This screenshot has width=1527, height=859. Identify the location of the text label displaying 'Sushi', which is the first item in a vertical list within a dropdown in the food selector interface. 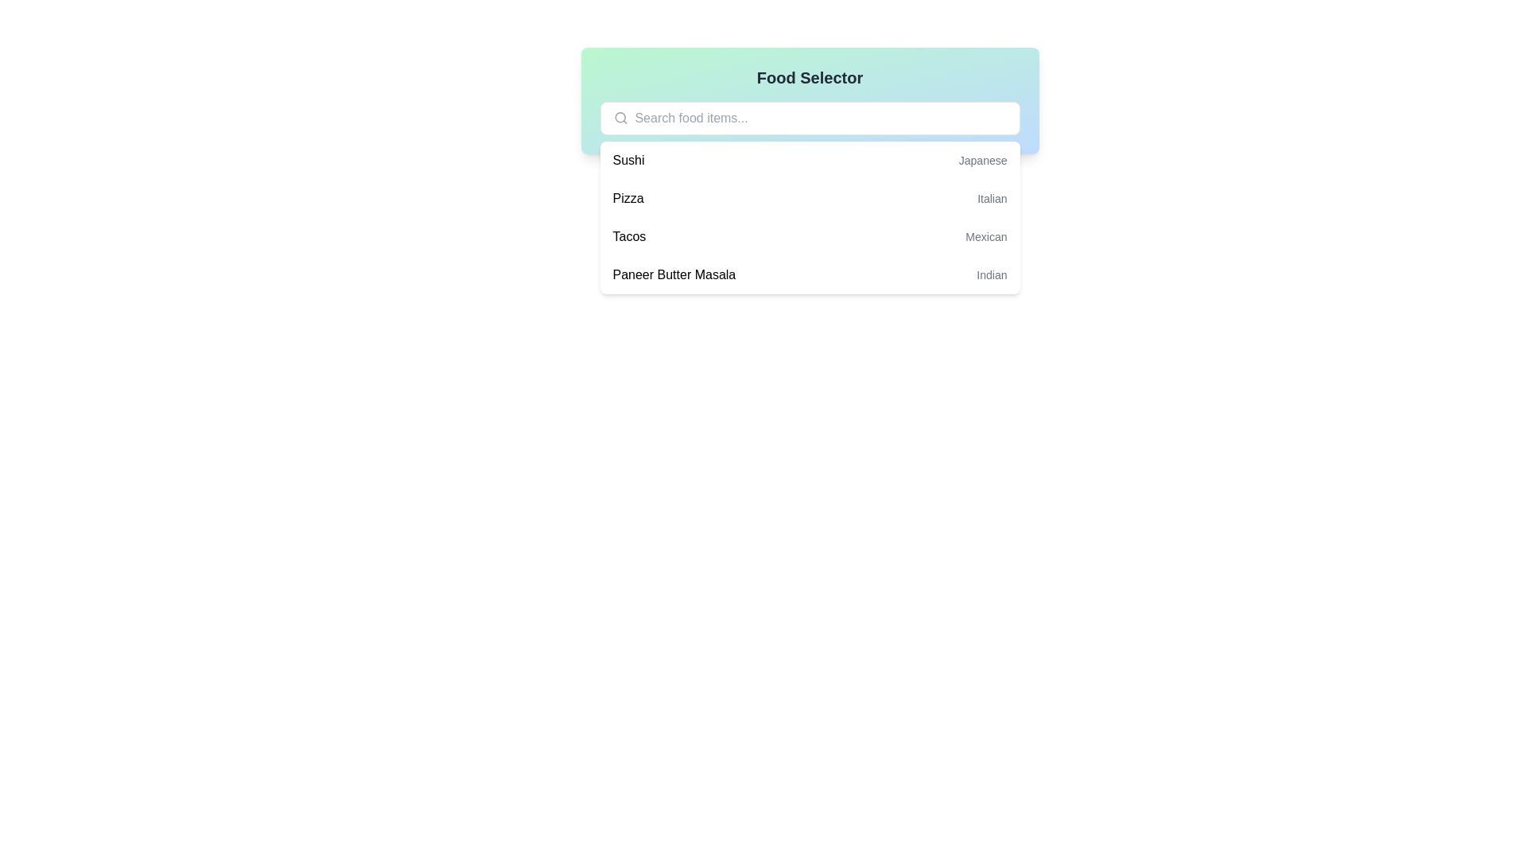
(628, 160).